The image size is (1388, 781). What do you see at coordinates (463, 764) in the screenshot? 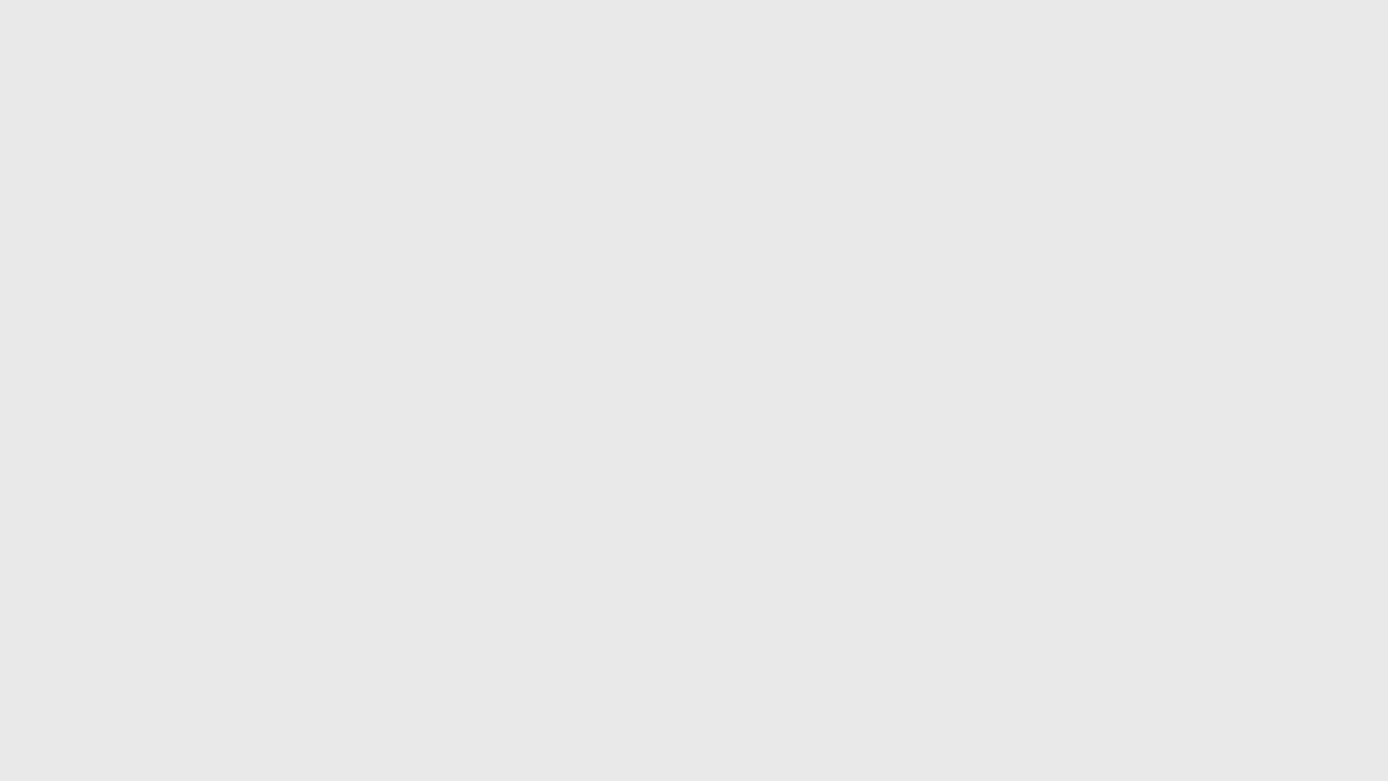
I see `BACK TO LOCATIONS` at bounding box center [463, 764].